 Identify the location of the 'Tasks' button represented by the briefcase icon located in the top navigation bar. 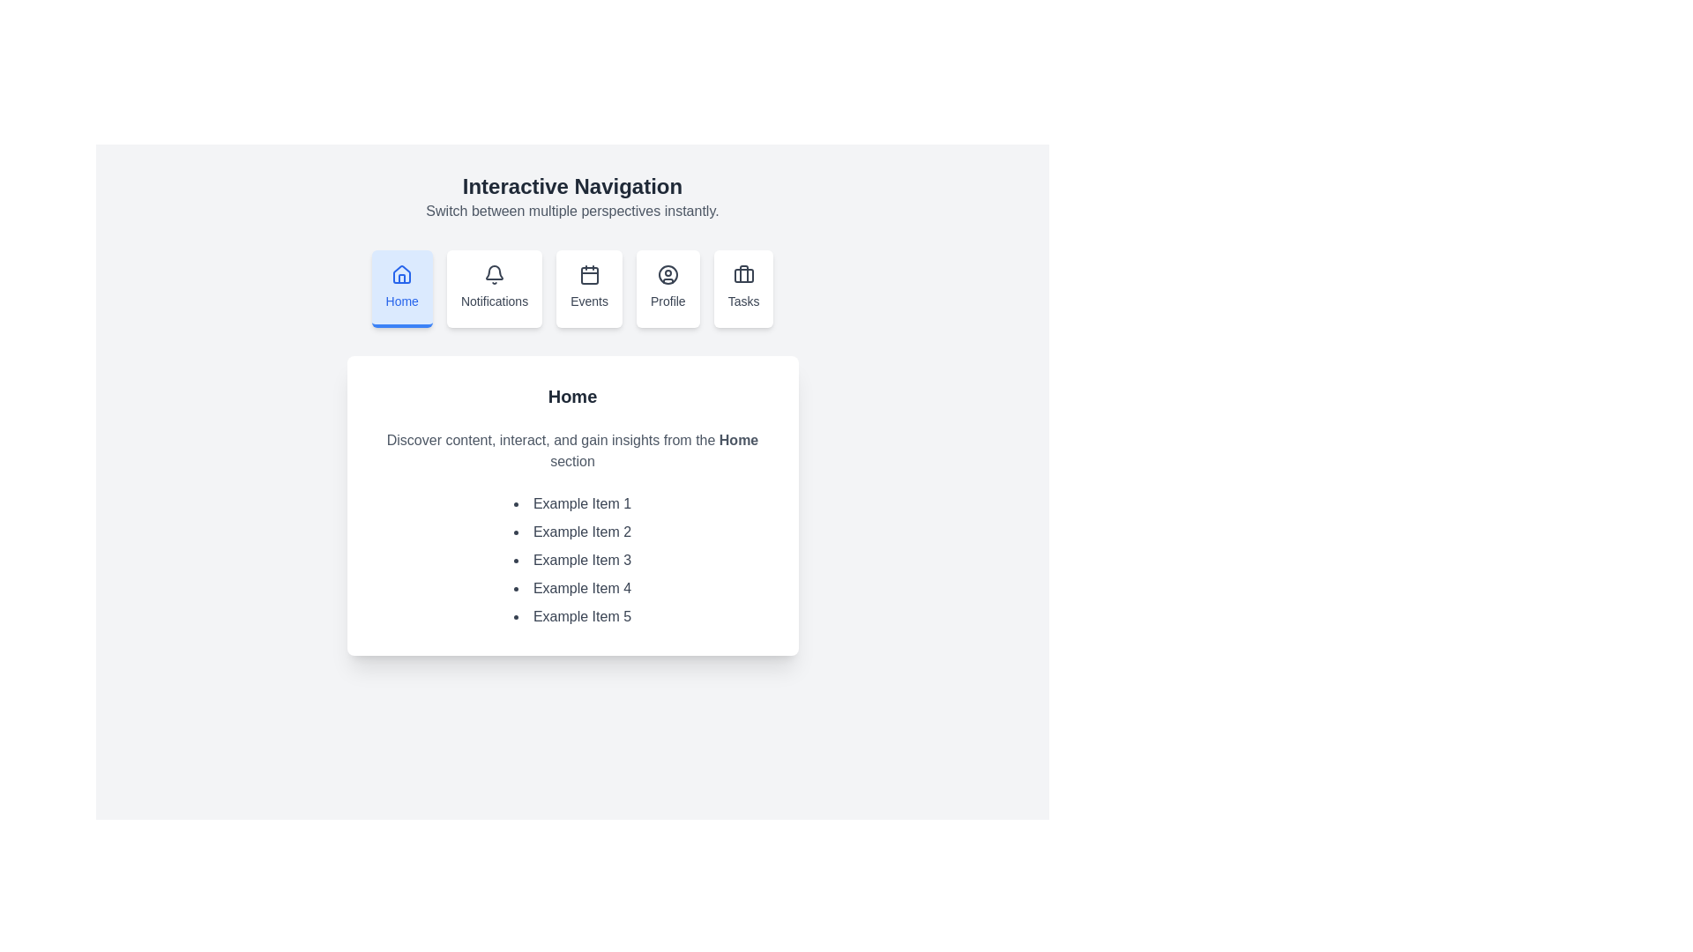
(743, 275).